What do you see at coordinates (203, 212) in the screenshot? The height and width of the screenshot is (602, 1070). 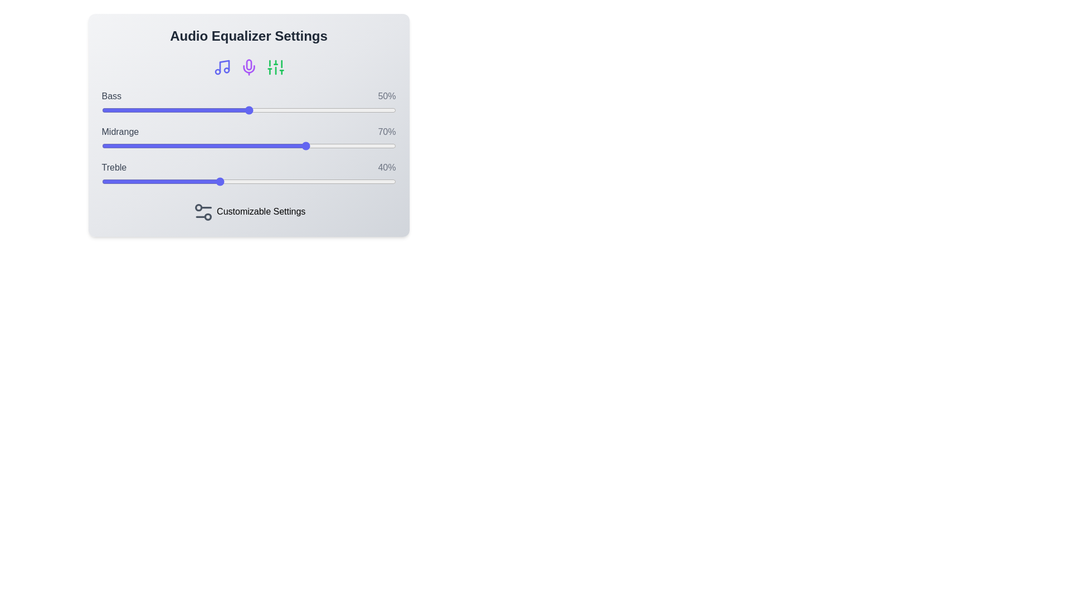 I see `the 'Customizable Settings' icon to interact with it` at bounding box center [203, 212].